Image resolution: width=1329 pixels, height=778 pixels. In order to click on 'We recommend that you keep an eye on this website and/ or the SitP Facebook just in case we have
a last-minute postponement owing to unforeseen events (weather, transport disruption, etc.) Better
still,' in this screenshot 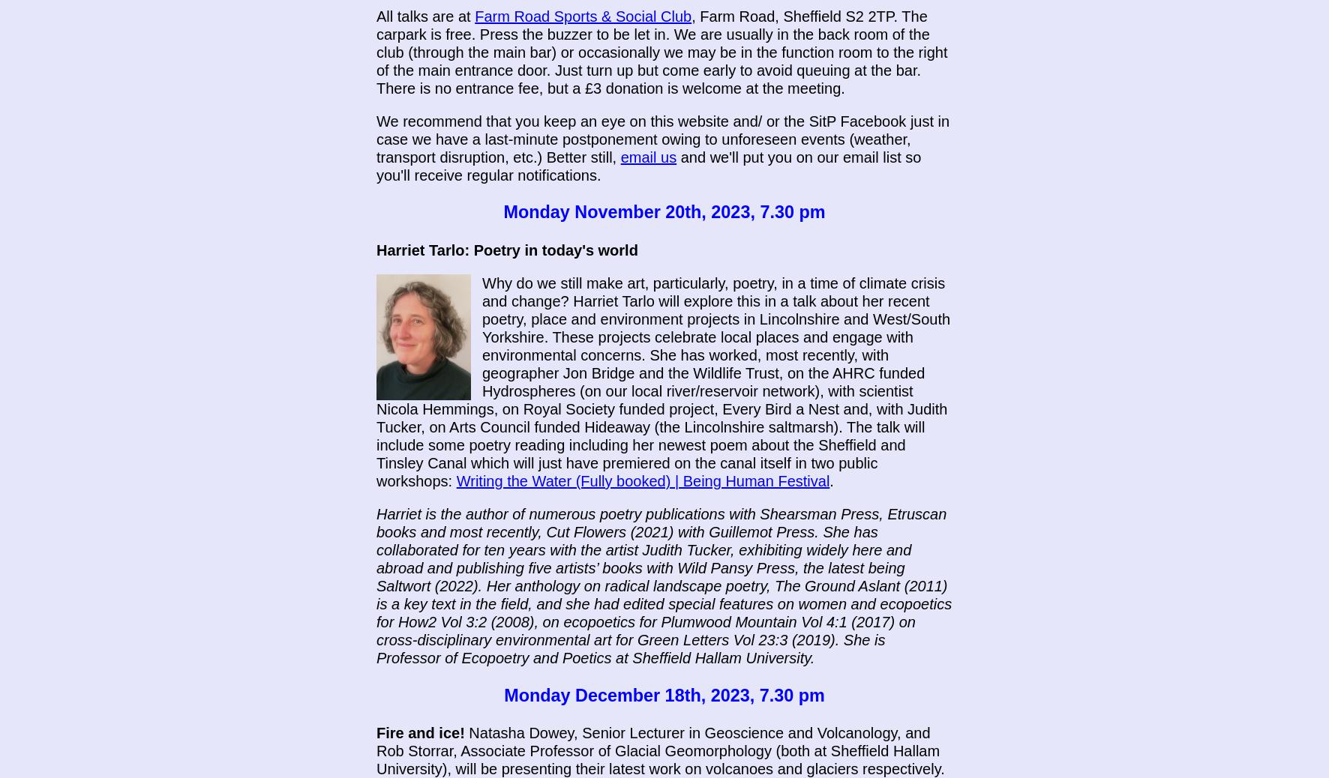, I will do `click(663, 139)`.